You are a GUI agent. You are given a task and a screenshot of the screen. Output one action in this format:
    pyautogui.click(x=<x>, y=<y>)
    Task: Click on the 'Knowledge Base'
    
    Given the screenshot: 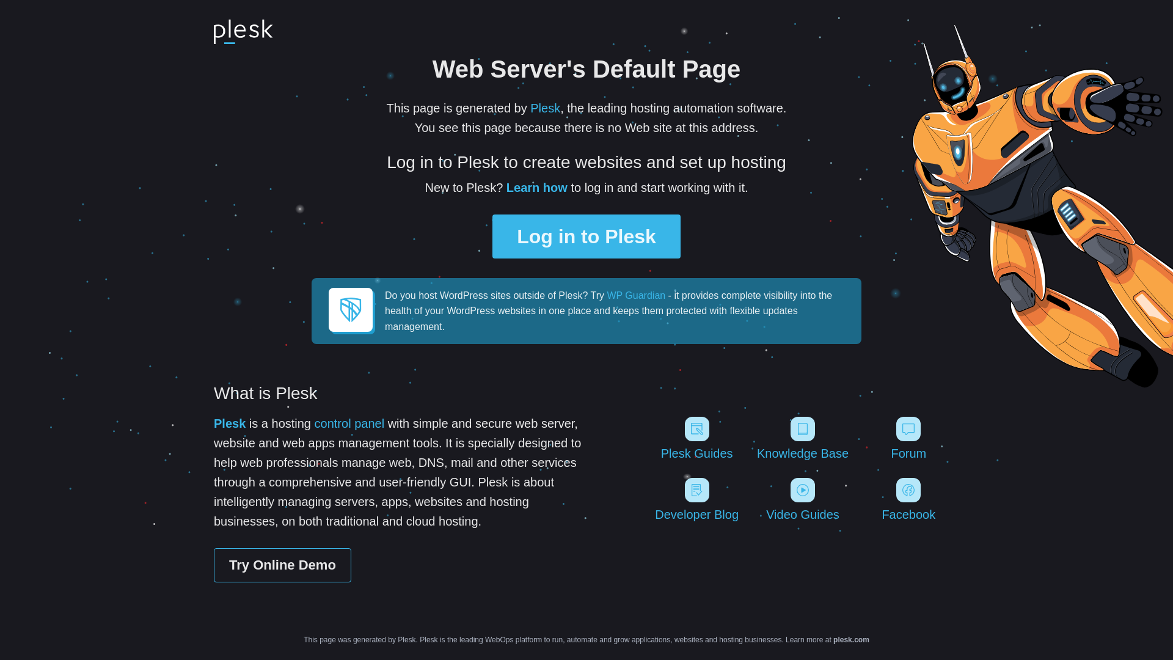 What is the action you would take?
    pyautogui.click(x=802, y=438)
    